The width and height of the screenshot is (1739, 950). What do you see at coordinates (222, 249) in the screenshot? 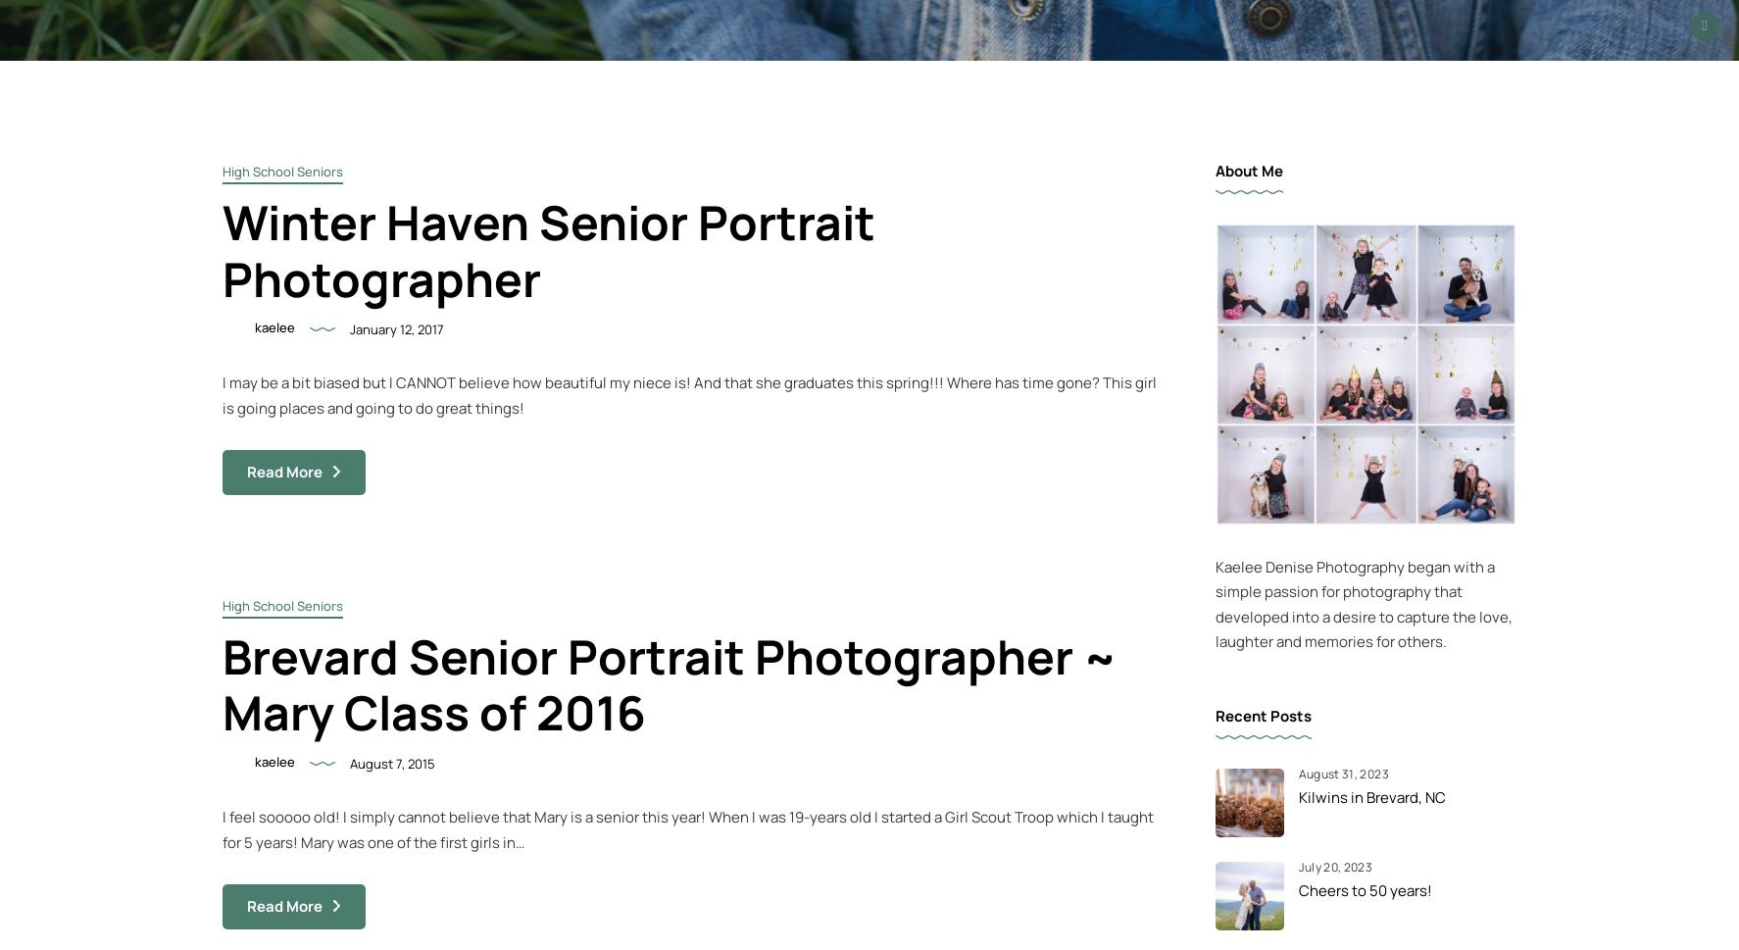
I see `'Winter Haven Senior Portrait Photographer'` at bounding box center [222, 249].